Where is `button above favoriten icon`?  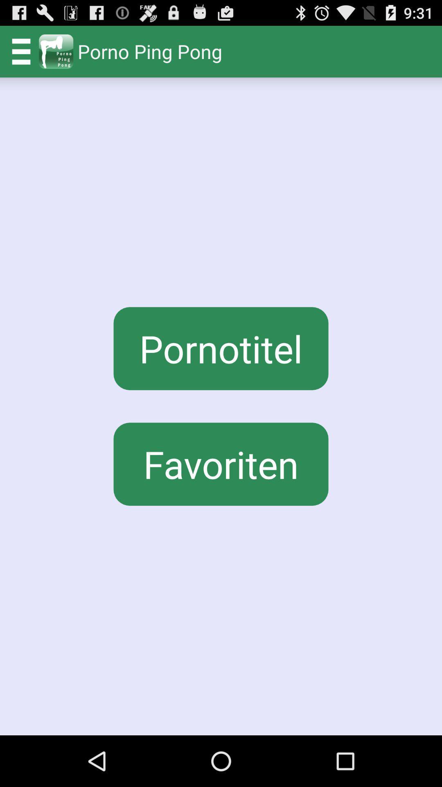 button above favoriten icon is located at coordinates (221, 348).